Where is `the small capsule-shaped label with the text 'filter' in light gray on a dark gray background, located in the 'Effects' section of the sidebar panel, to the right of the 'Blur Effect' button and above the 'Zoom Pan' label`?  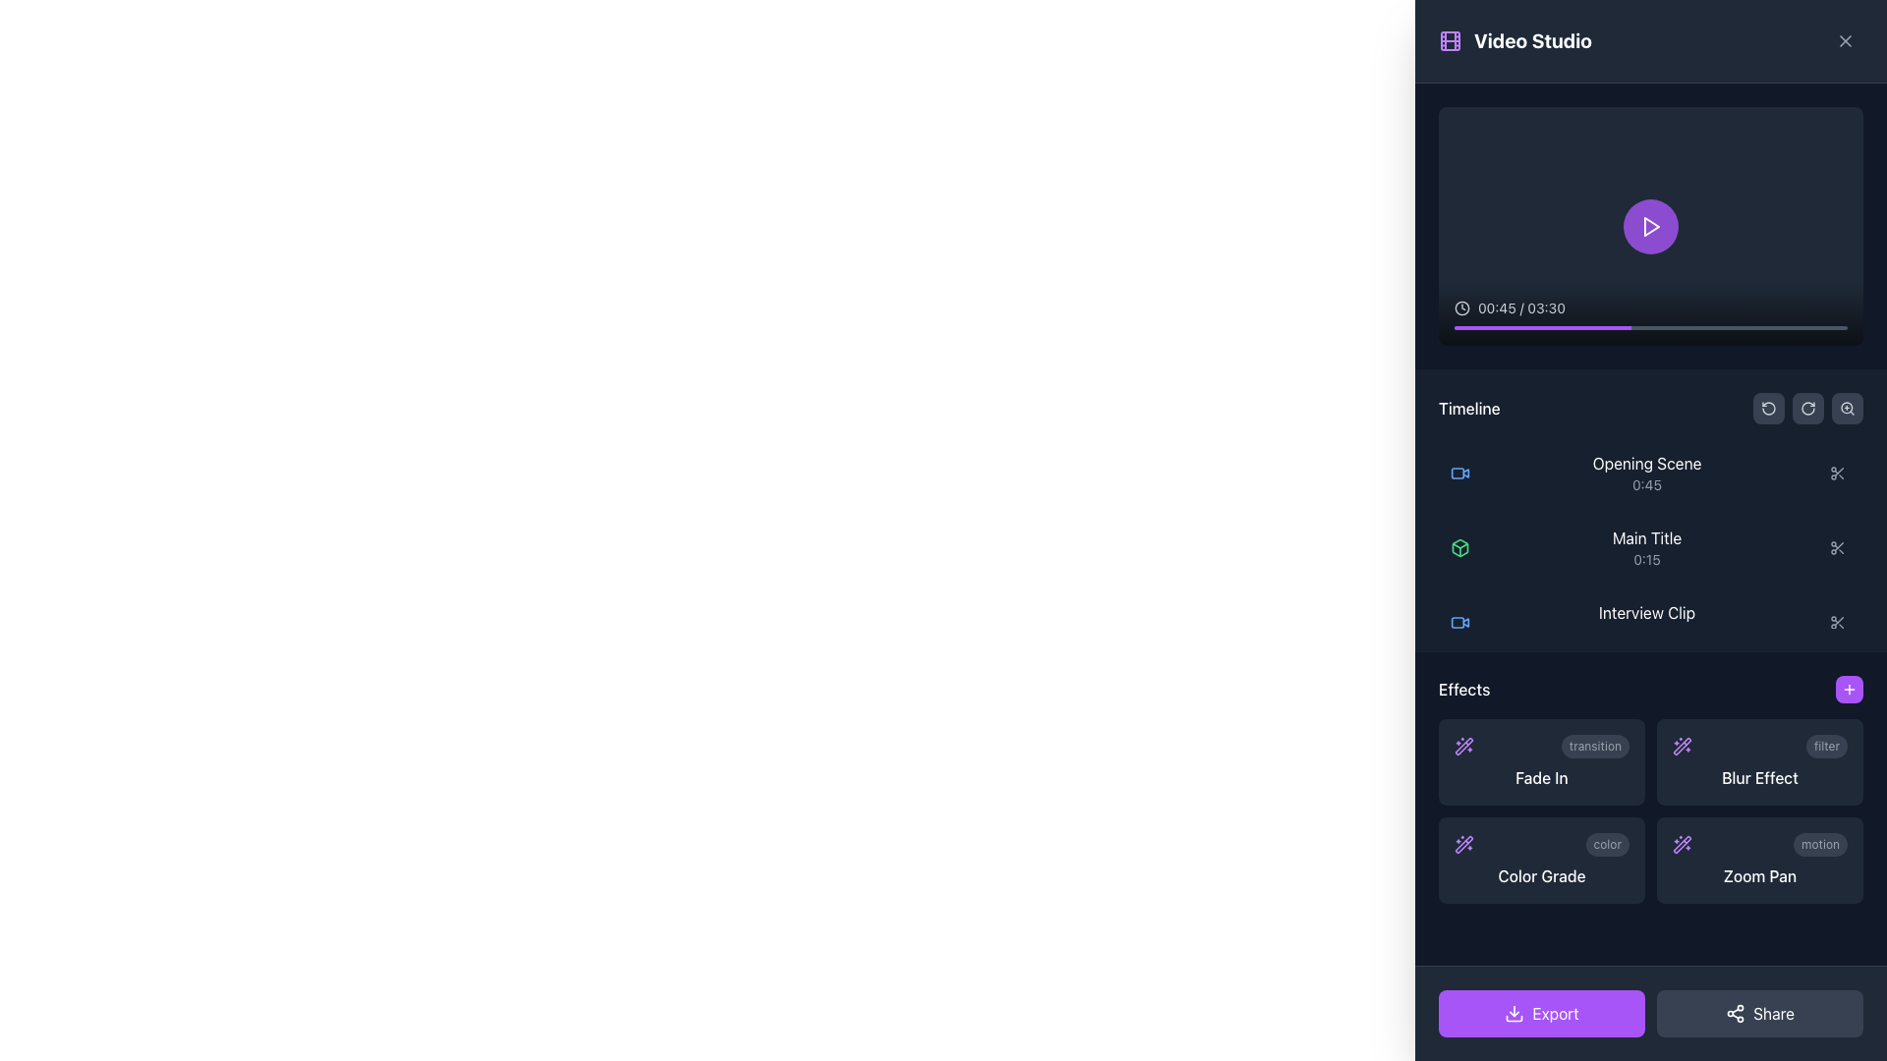
the small capsule-shaped label with the text 'filter' in light gray on a dark gray background, located in the 'Effects' section of the sidebar panel, to the right of the 'Blur Effect' button and above the 'Zoom Pan' label is located at coordinates (1825, 746).